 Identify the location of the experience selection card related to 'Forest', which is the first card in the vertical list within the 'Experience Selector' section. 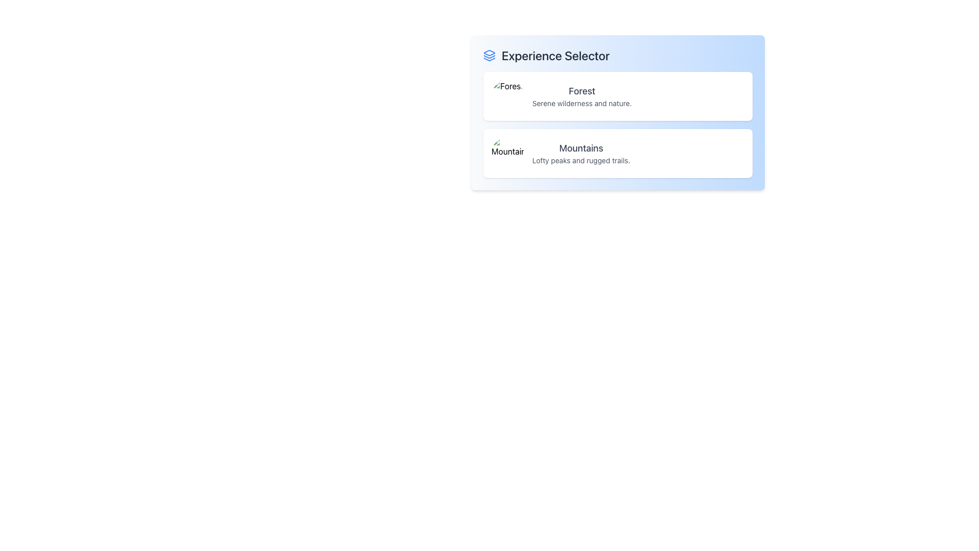
(617, 96).